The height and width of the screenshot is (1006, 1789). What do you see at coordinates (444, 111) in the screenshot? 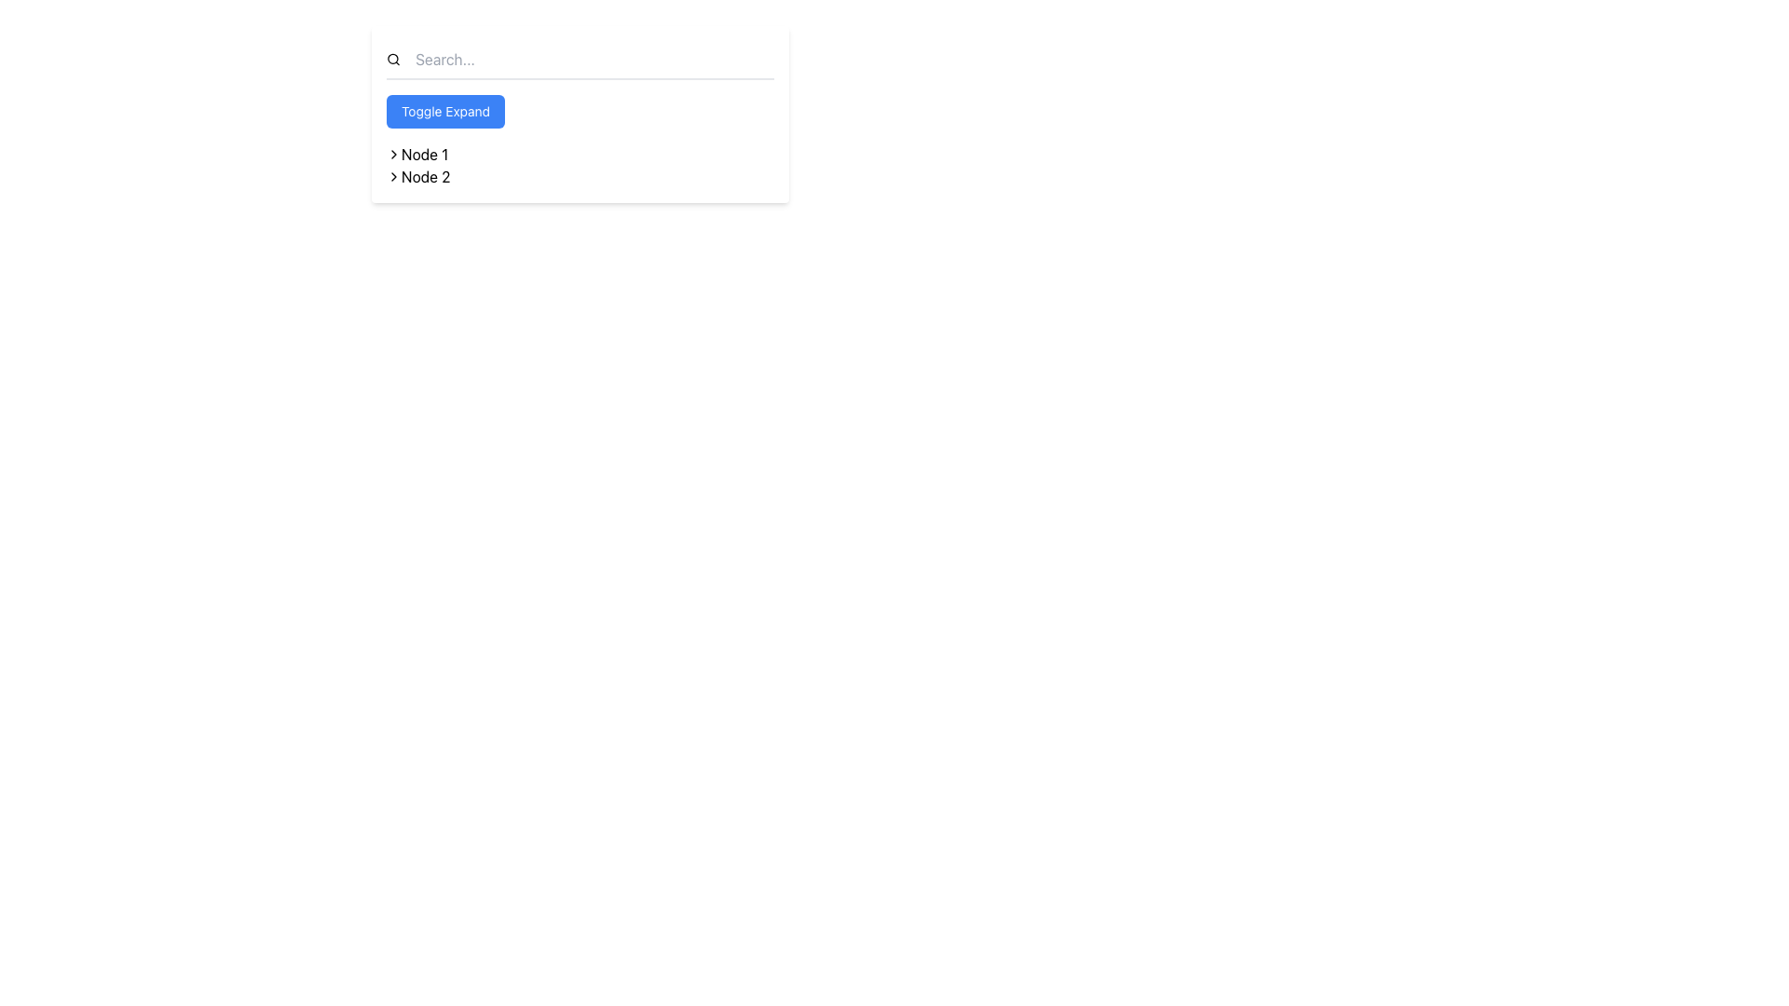
I see `the toggle button located in the top-left region of the section near the search bar` at bounding box center [444, 111].